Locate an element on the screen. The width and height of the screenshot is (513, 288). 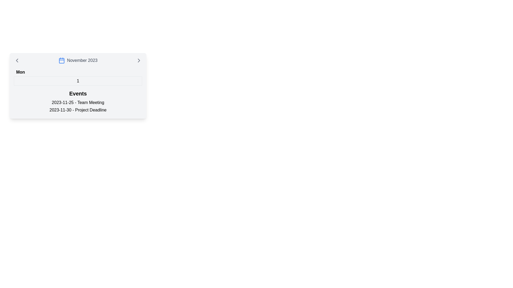
the forward navigation button located on the rightmost side of the header bar containing 'November 2023' is located at coordinates (139, 60).